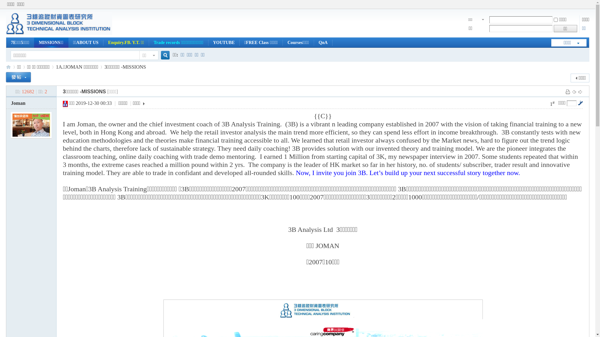 This screenshot has width=600, height=337. What do you see at coordinates (552, 103) in the screenshot?
I see `'1#'` at bounding box center [552, 103].